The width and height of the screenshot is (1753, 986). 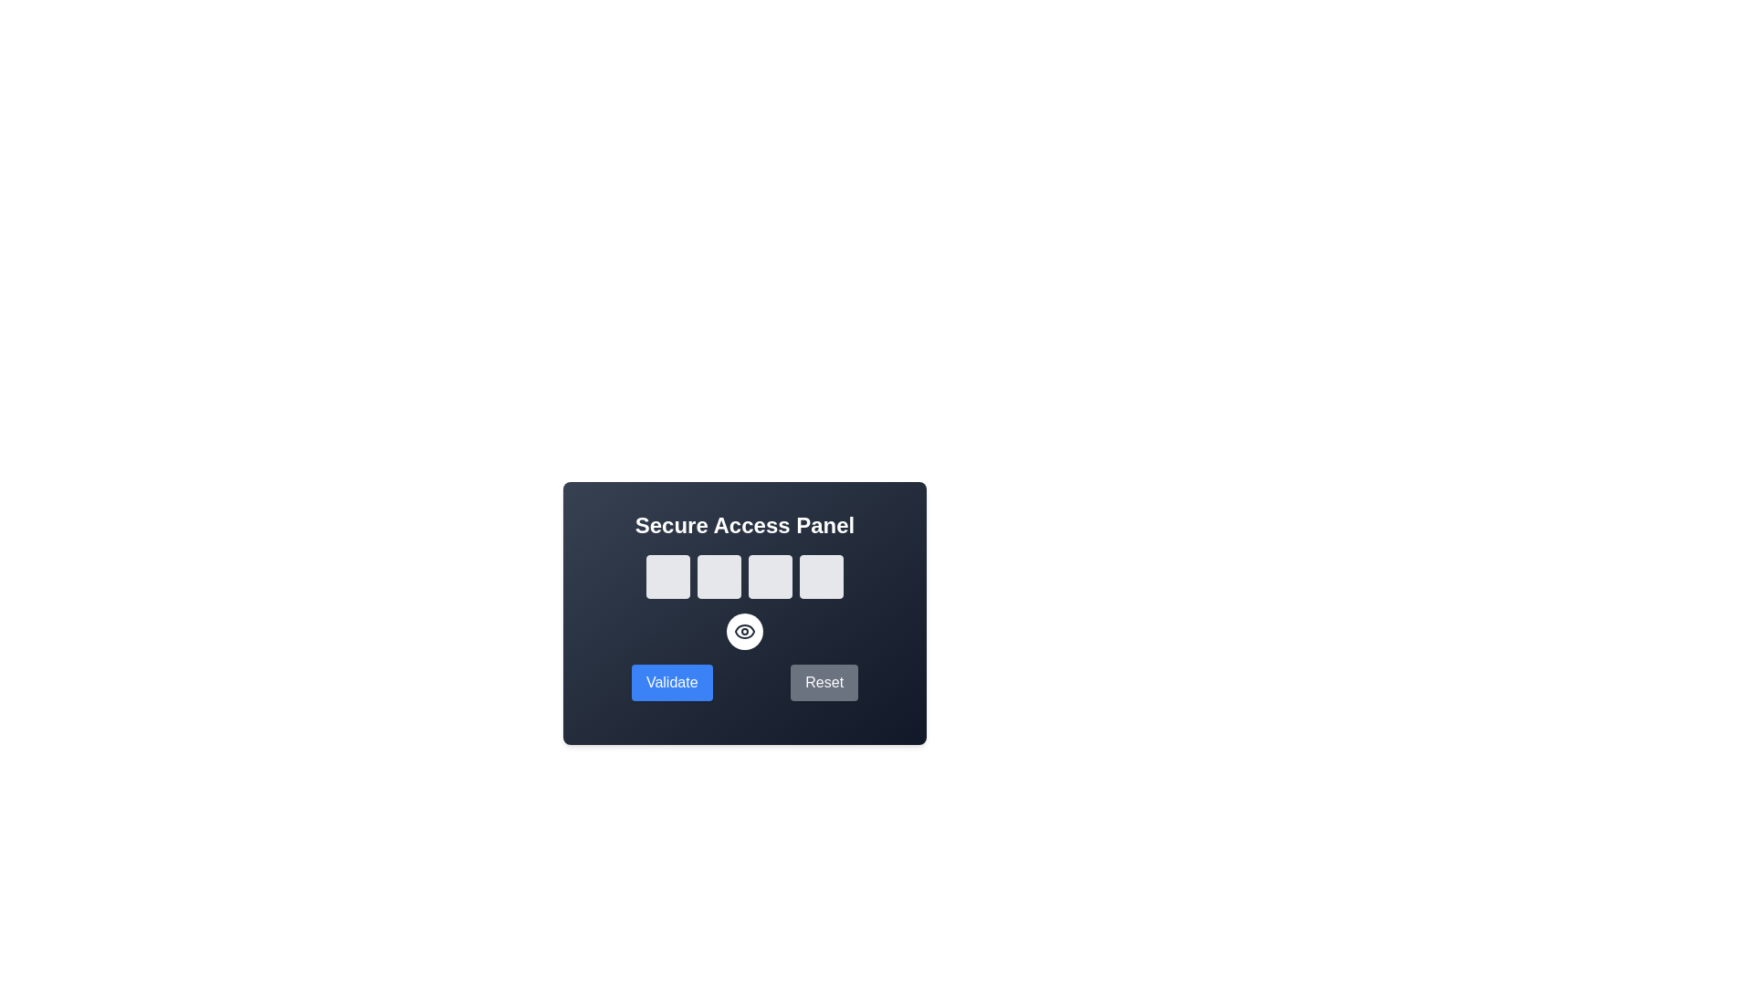 I want to click on the reset button located at the bottom-right part of the central interface, positioned to the right of the 'Validate' button, through keyboard navigation, so click(x=824, y=683).